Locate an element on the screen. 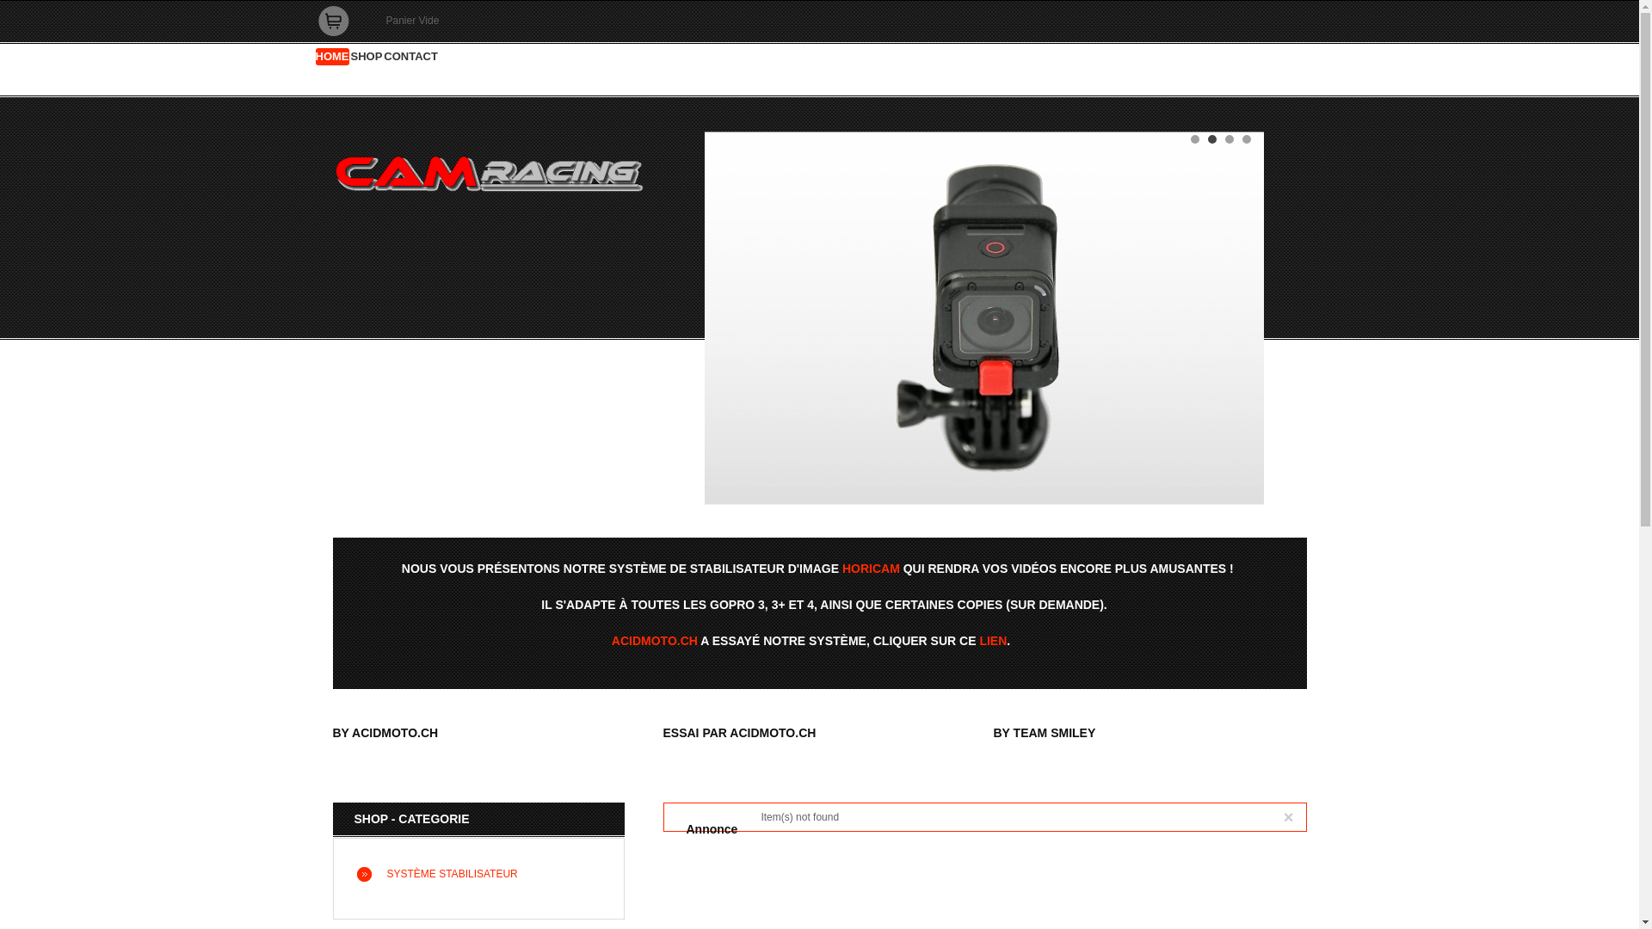 The image size is (1652, 929). 'HOME' is located at coordinates (331, 55).